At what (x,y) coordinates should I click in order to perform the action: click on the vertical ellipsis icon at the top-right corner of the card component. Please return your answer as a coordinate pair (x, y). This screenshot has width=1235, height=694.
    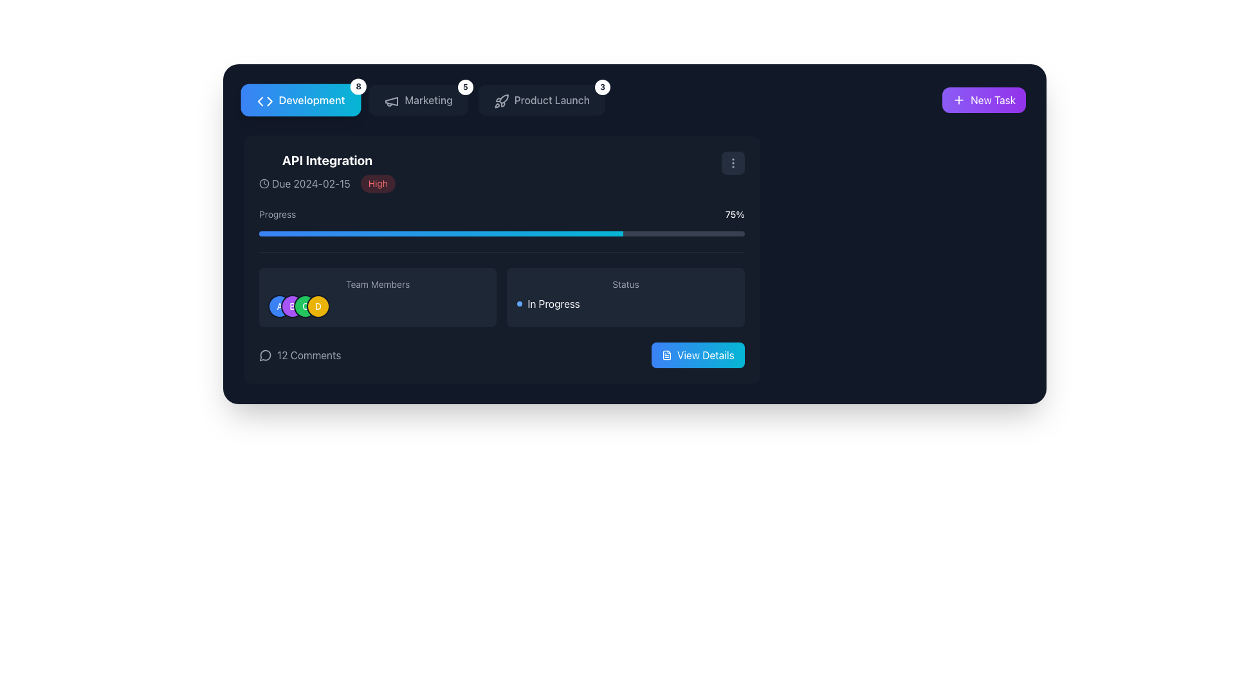
    Looking at the image, I should click on (733, 163).